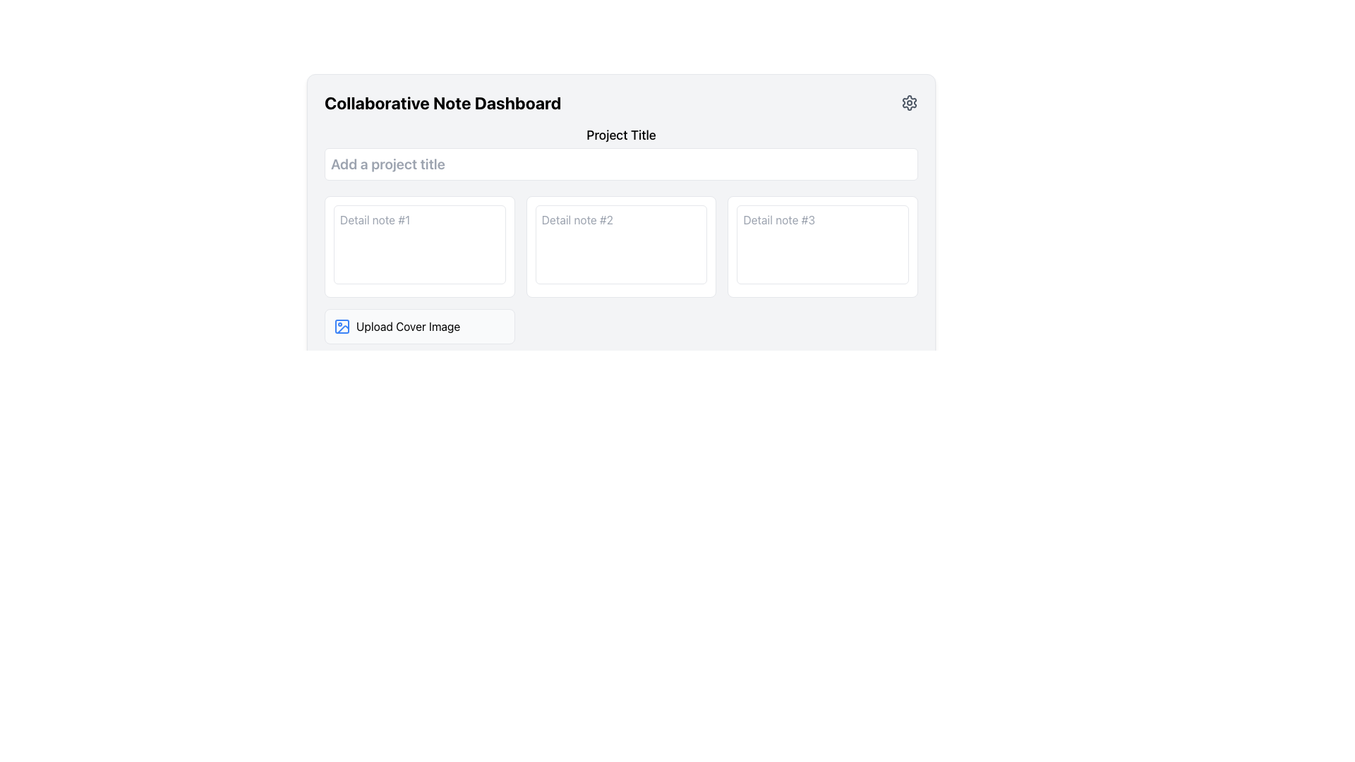 The height and width of the screenshot is (762, 1355). What do you see at coordinates (910, 102) in the screenshot?
I see `the gear-shaped icon button located at the top-right corner of the 'Collaborative Note Dashboard' header` at bounding box center [910, 102].